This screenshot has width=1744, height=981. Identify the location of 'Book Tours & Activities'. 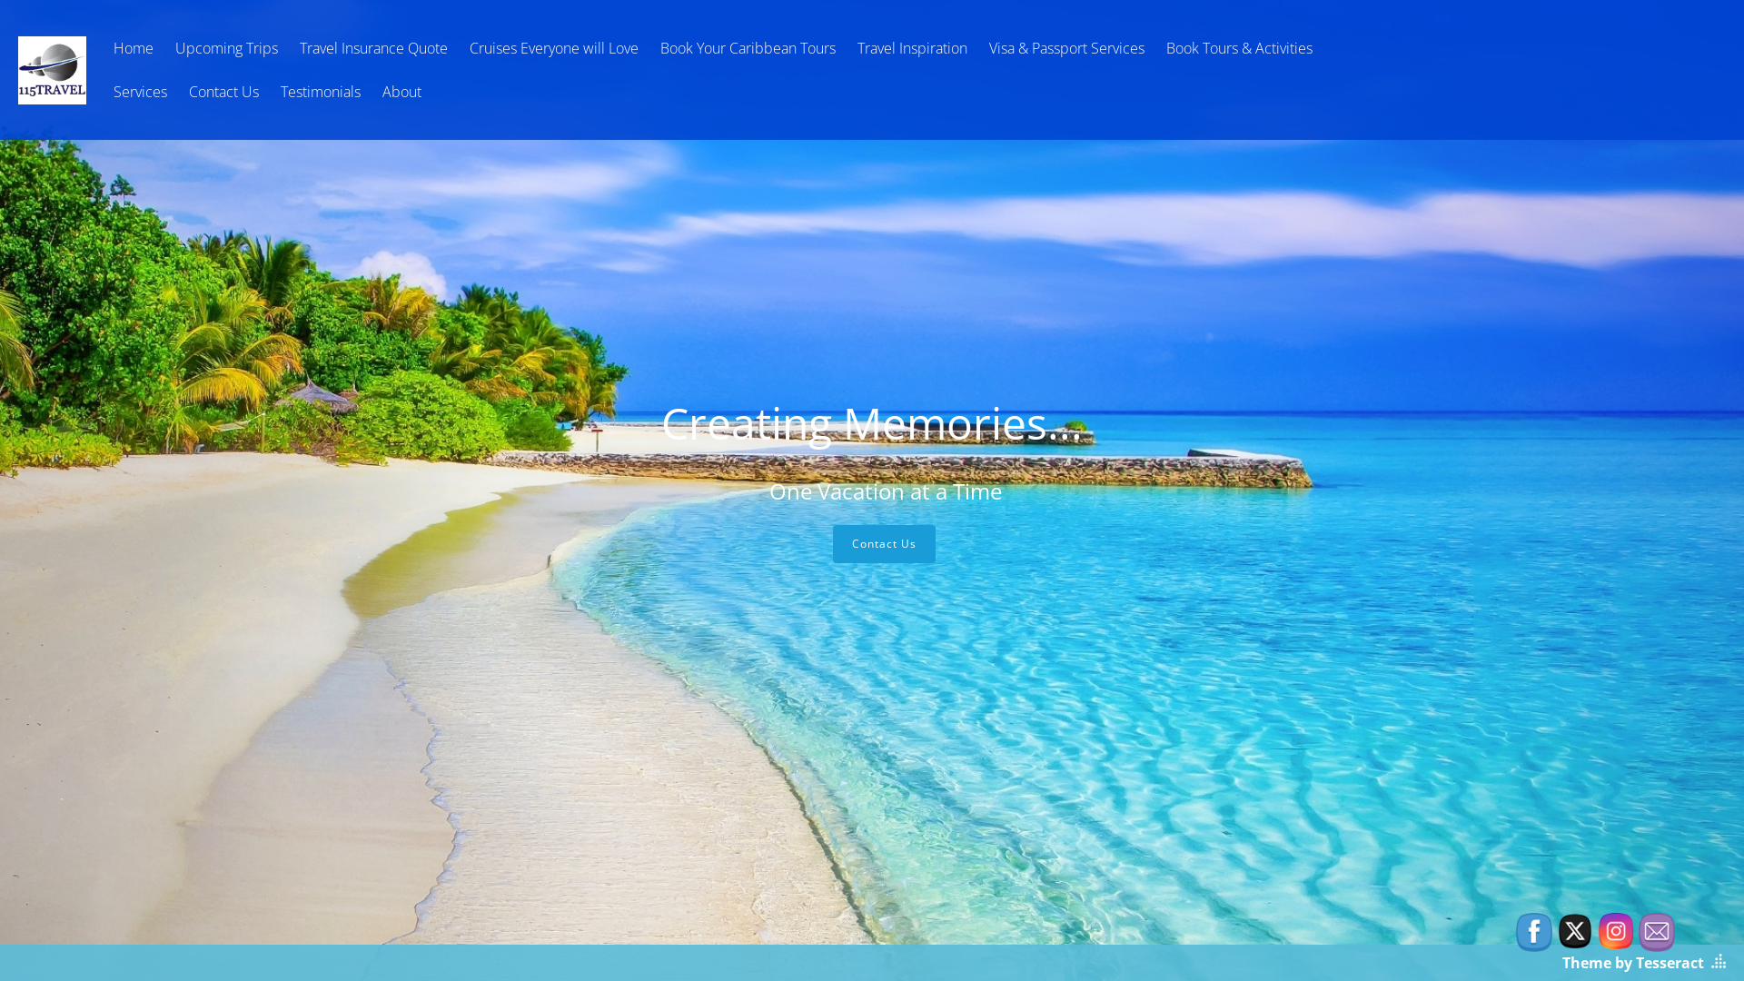
(1238, 47).